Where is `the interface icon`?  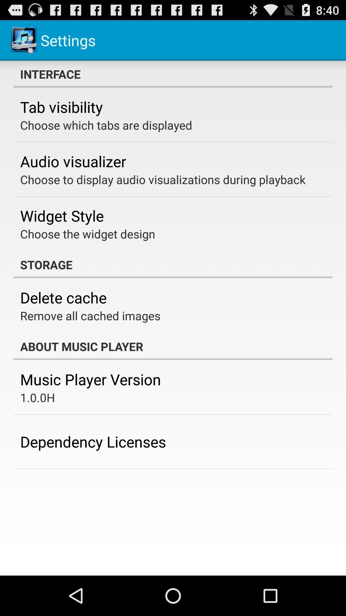
the interface icon is located at coordinates (173, 74).